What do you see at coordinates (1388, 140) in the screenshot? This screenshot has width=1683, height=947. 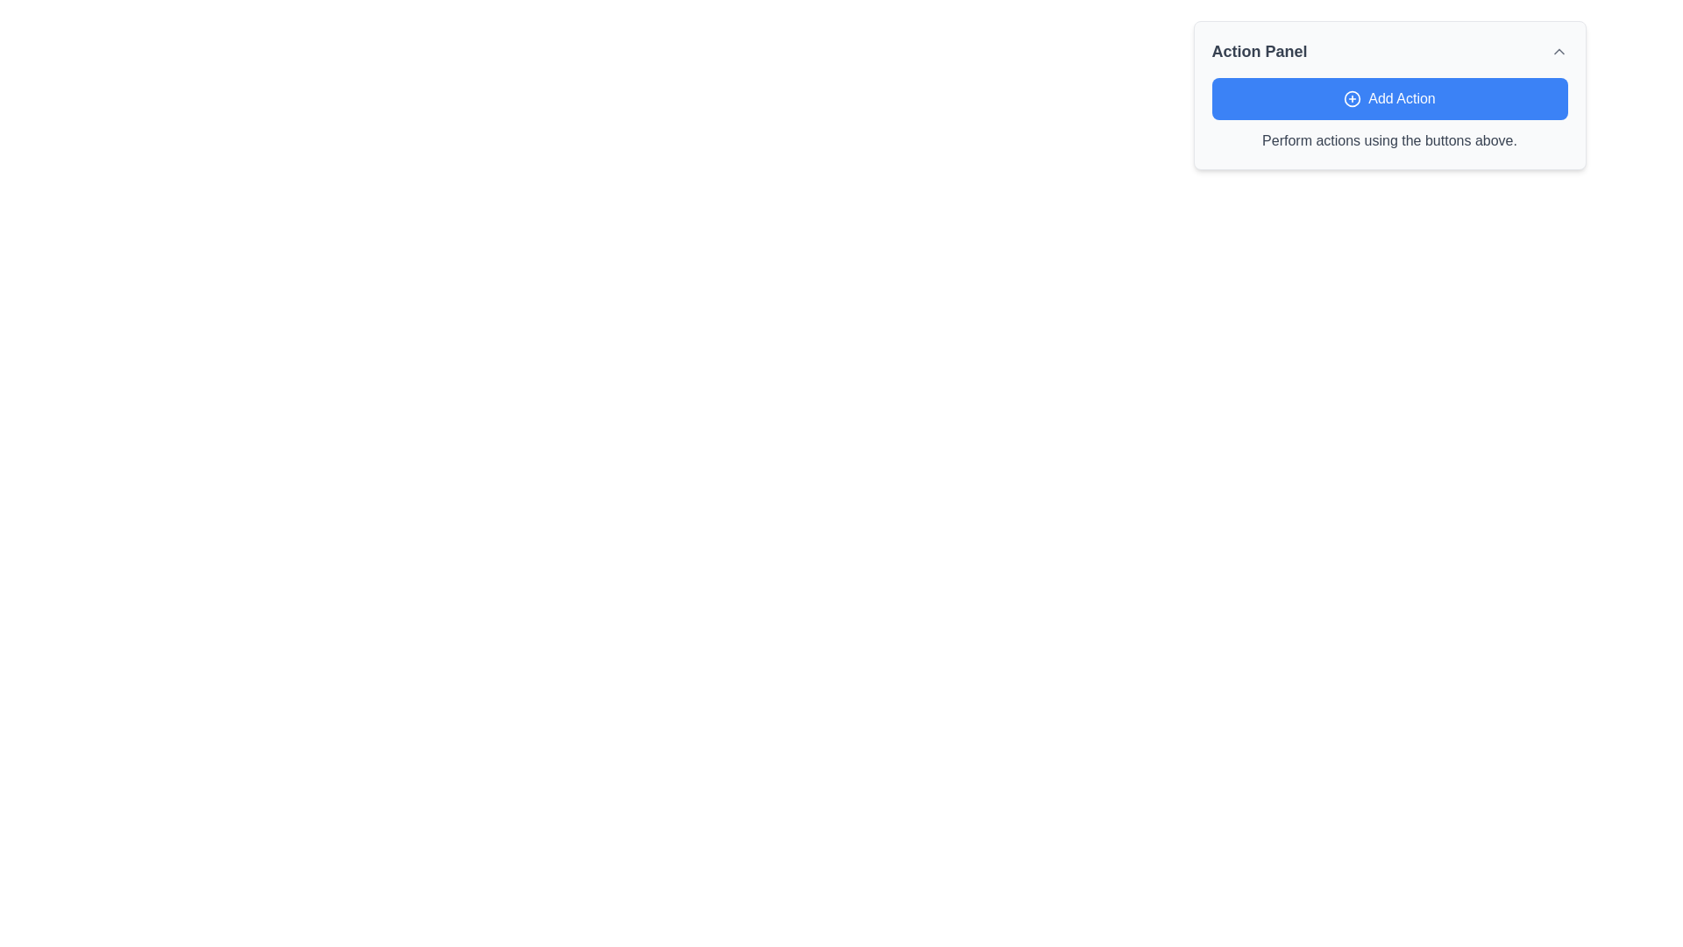 I see `the descriptive text label that provides instructions to the user, located below the 'Add Action' button` at bounding box center [1388, 140].